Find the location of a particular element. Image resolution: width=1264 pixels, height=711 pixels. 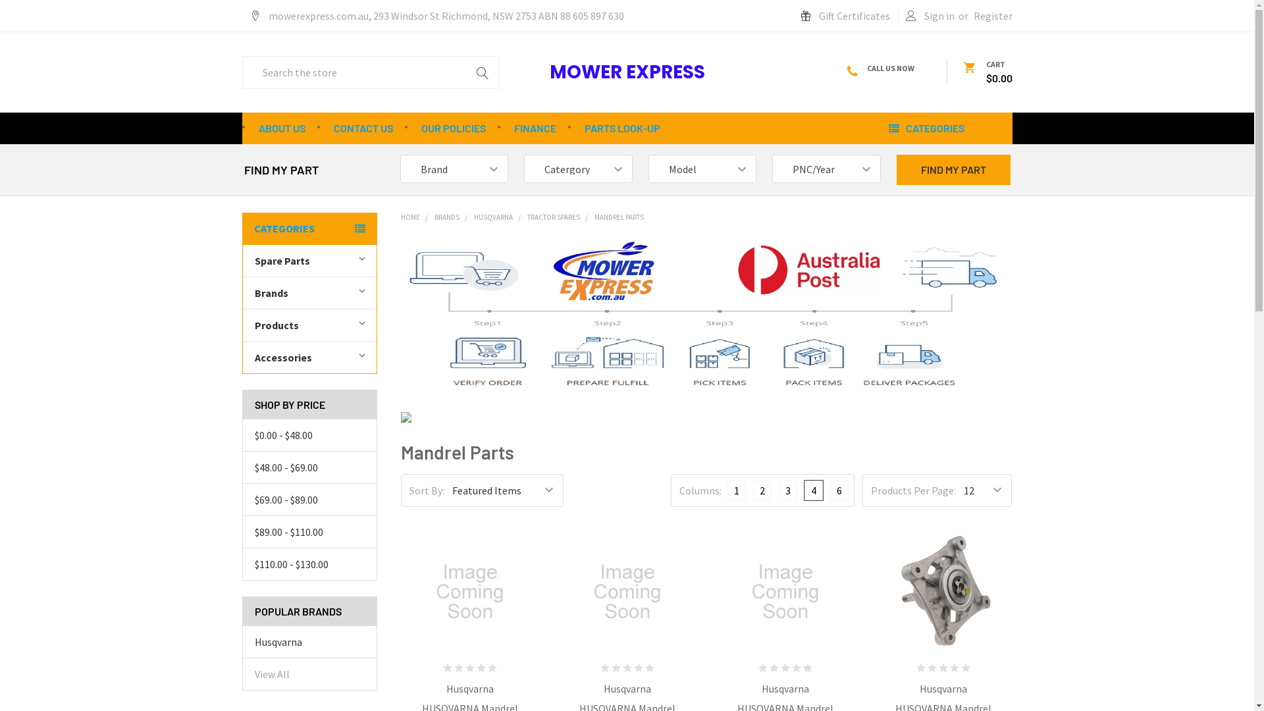

'Find my part' is located at coordinates (953, 169).